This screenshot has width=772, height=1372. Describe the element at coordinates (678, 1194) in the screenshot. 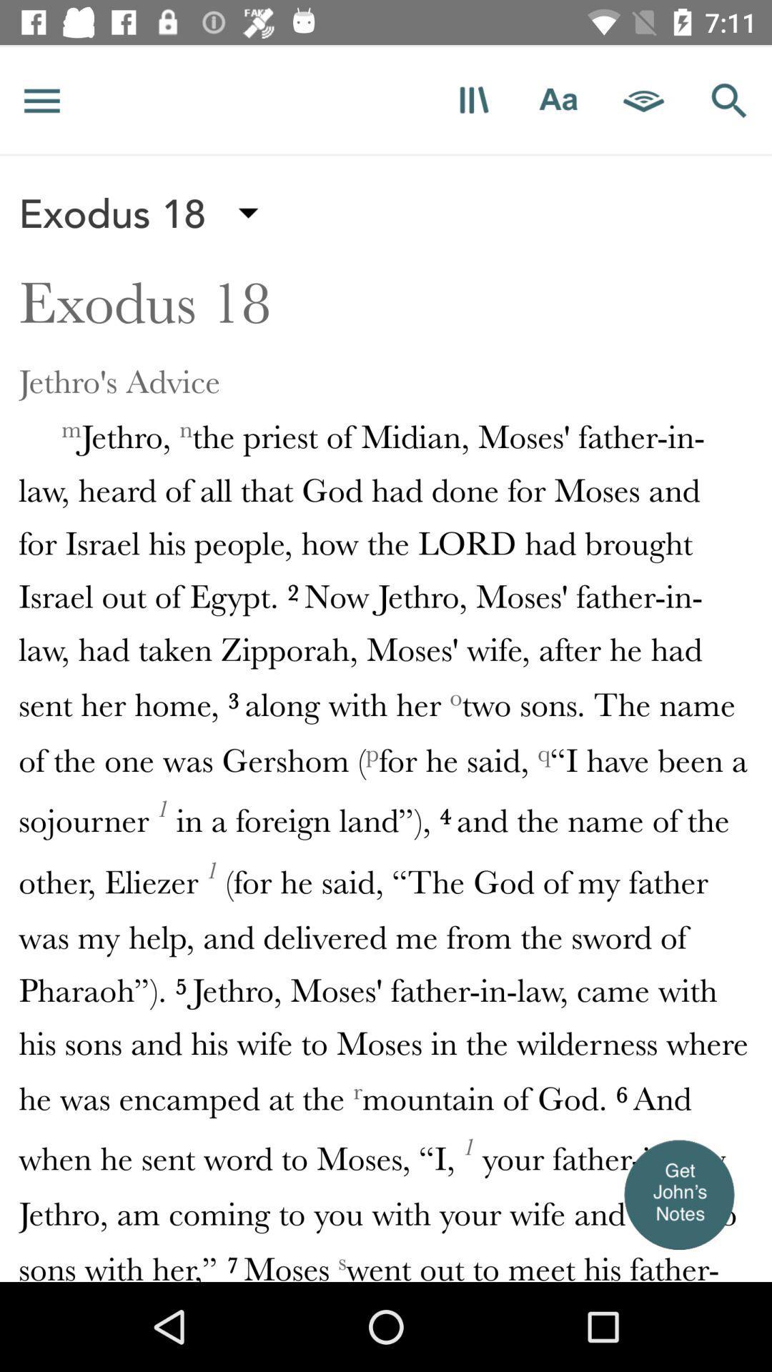

I see `get john 's notes` at that location.